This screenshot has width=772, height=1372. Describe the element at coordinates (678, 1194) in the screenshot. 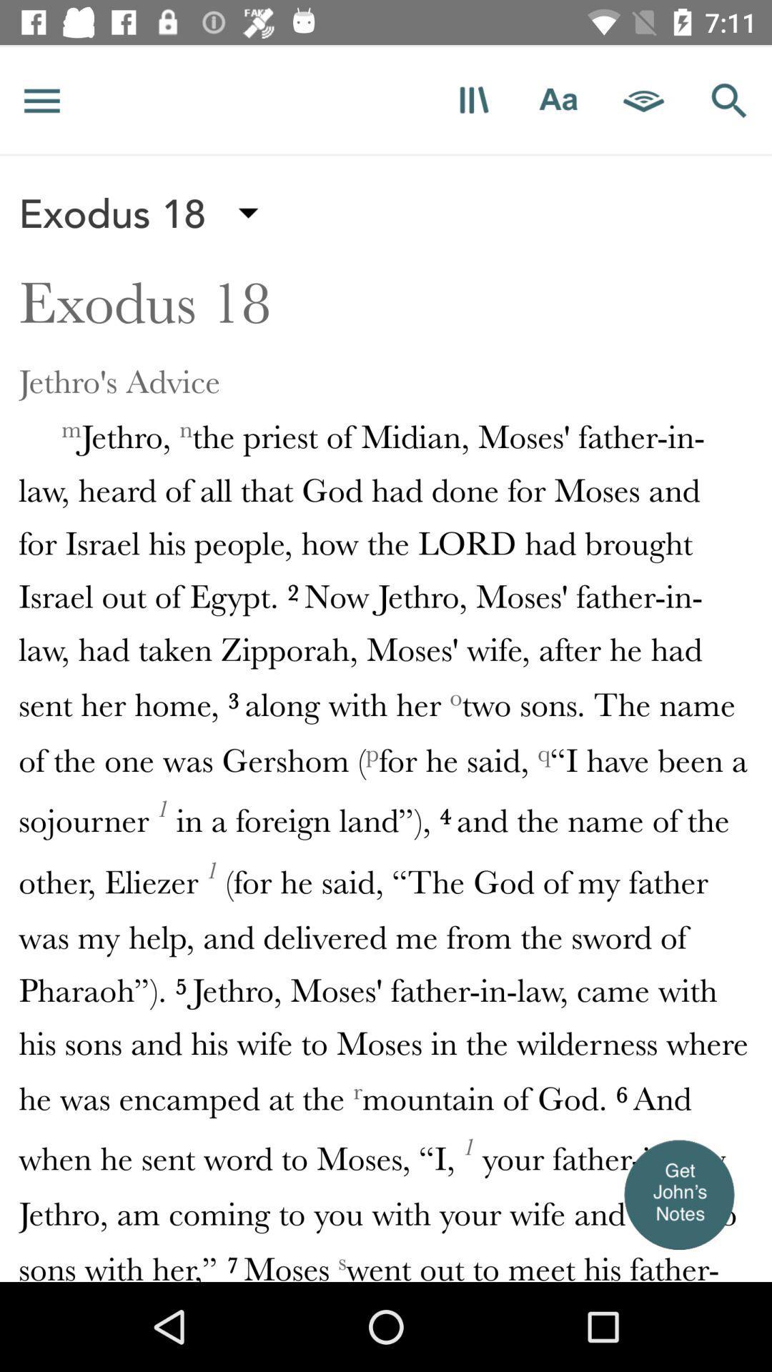

I see `get john 's notes` at that location.